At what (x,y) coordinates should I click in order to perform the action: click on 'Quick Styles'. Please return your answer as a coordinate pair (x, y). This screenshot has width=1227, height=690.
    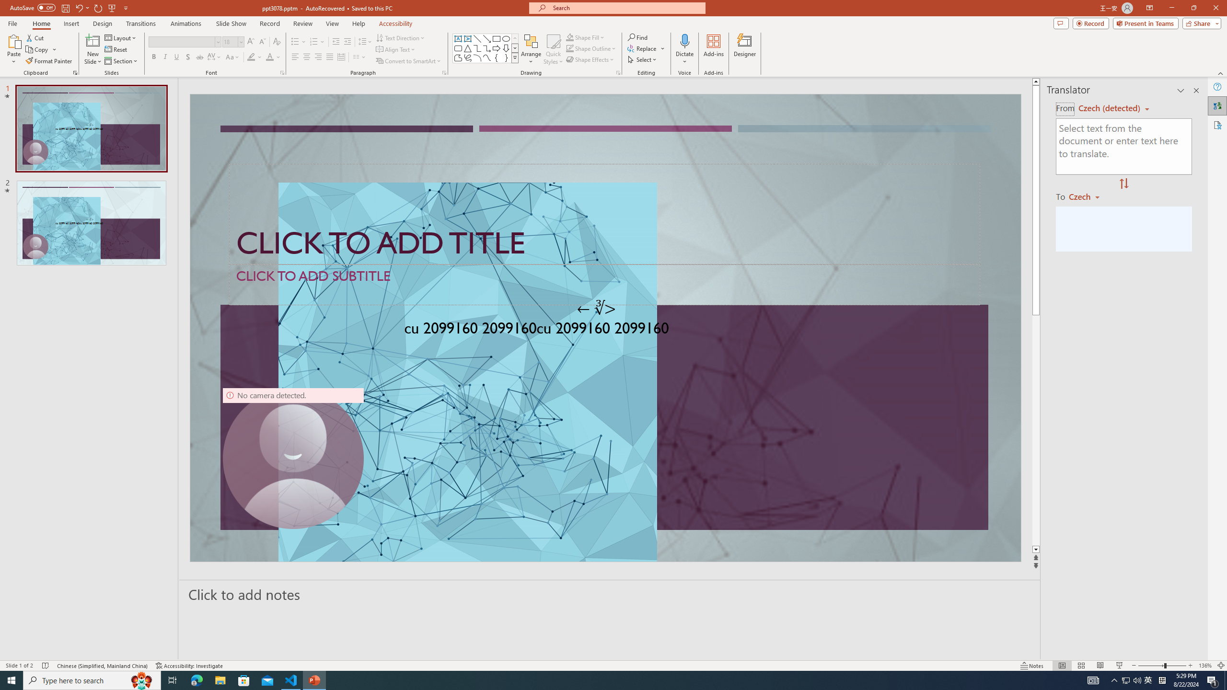
    Looking at the image, I should click on (553, 49).